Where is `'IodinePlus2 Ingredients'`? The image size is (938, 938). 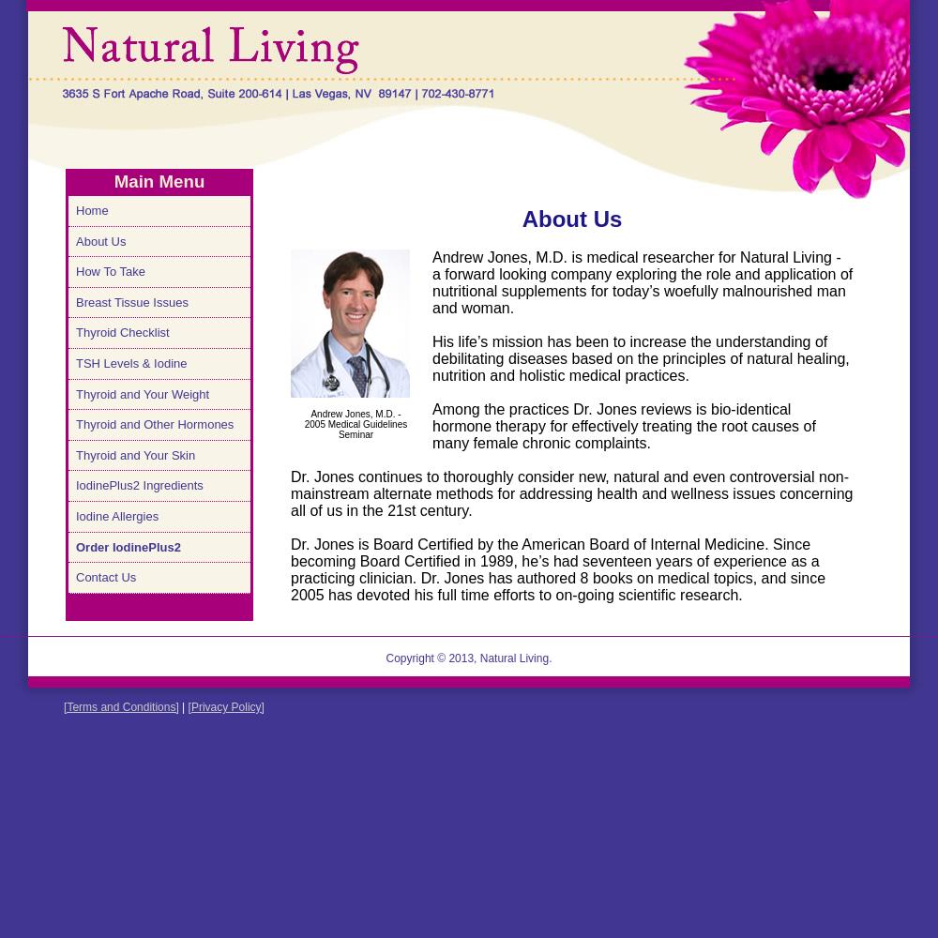 'IodinePlus2 Ingredients' is located at coordinates (139, 485).